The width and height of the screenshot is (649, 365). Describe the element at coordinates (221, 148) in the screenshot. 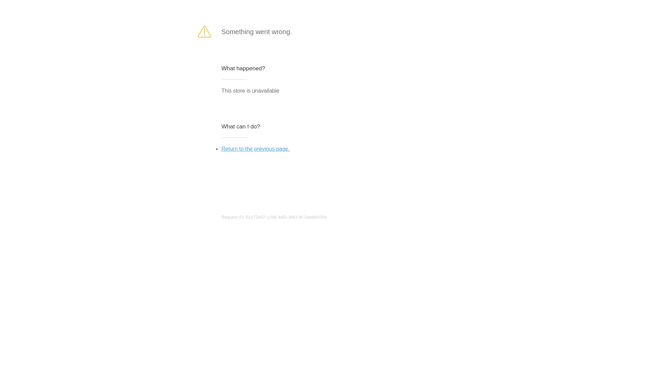

I see `'Return to the previous page.'` at that location.